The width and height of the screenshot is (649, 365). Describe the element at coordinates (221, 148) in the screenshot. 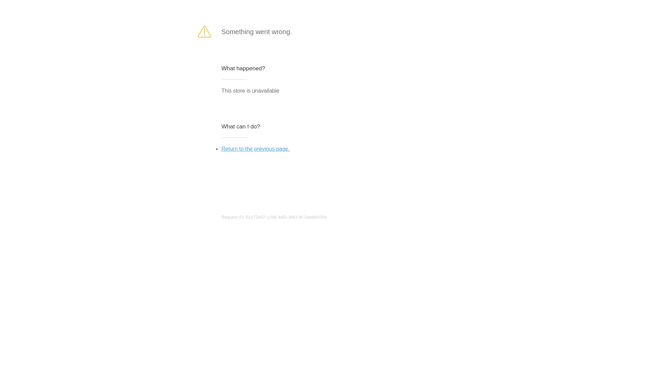

I see `'Return to the previous page.'` at that location.